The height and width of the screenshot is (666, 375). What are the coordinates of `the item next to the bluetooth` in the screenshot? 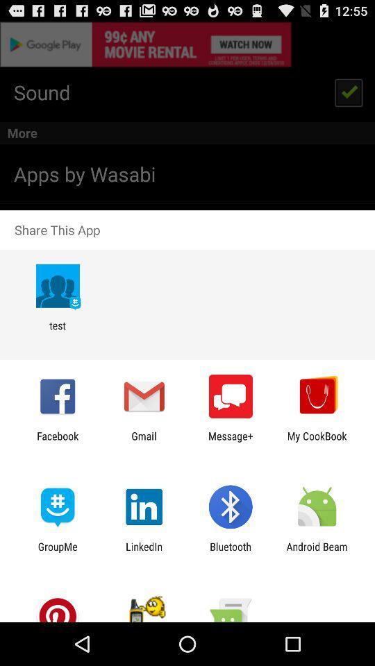 It's located at (143, 552).